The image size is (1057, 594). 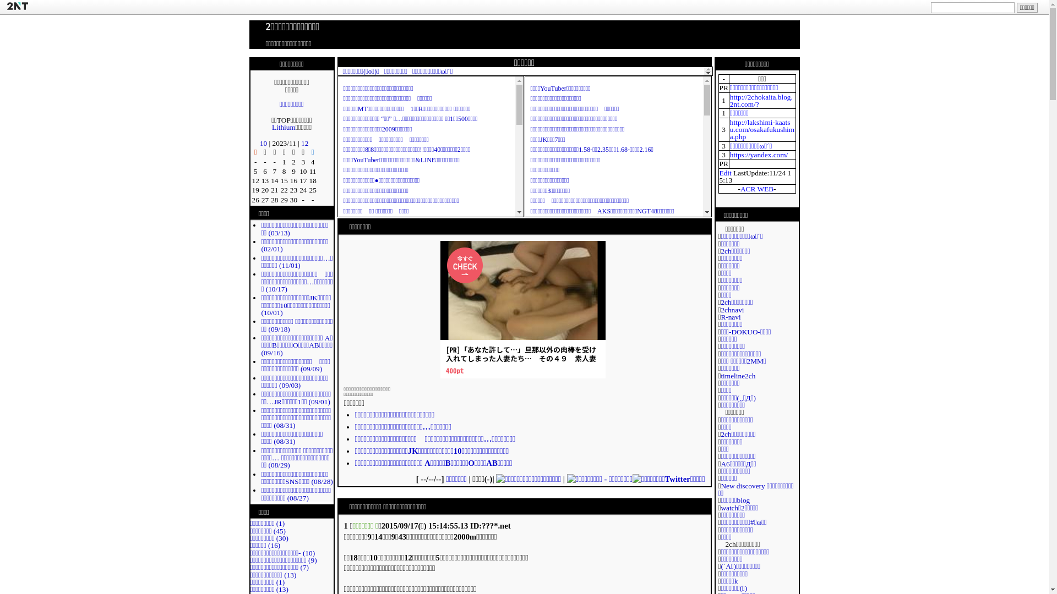 What do you see at coordinates (760, 100) in the screenshot?
I see `'http://2chokaita.blog.2nt.com/?'` at bounding box center [760, 100].